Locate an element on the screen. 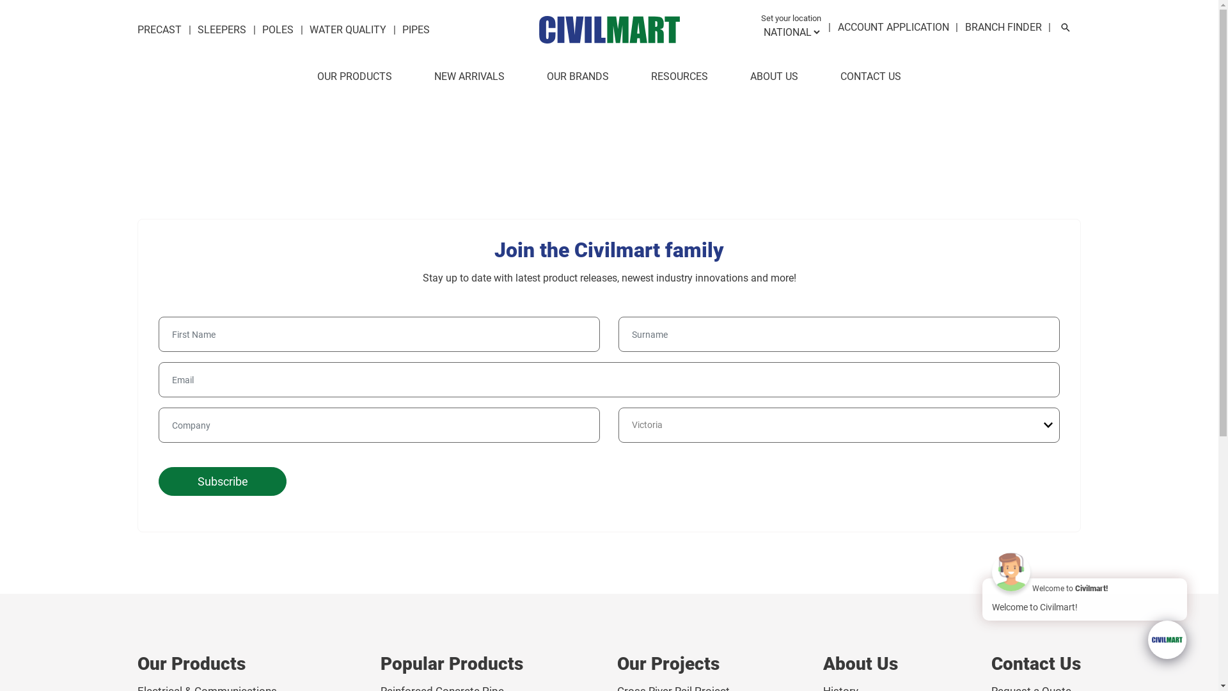  'NEW ARRIVALS' is located at coordinates (469, 77).